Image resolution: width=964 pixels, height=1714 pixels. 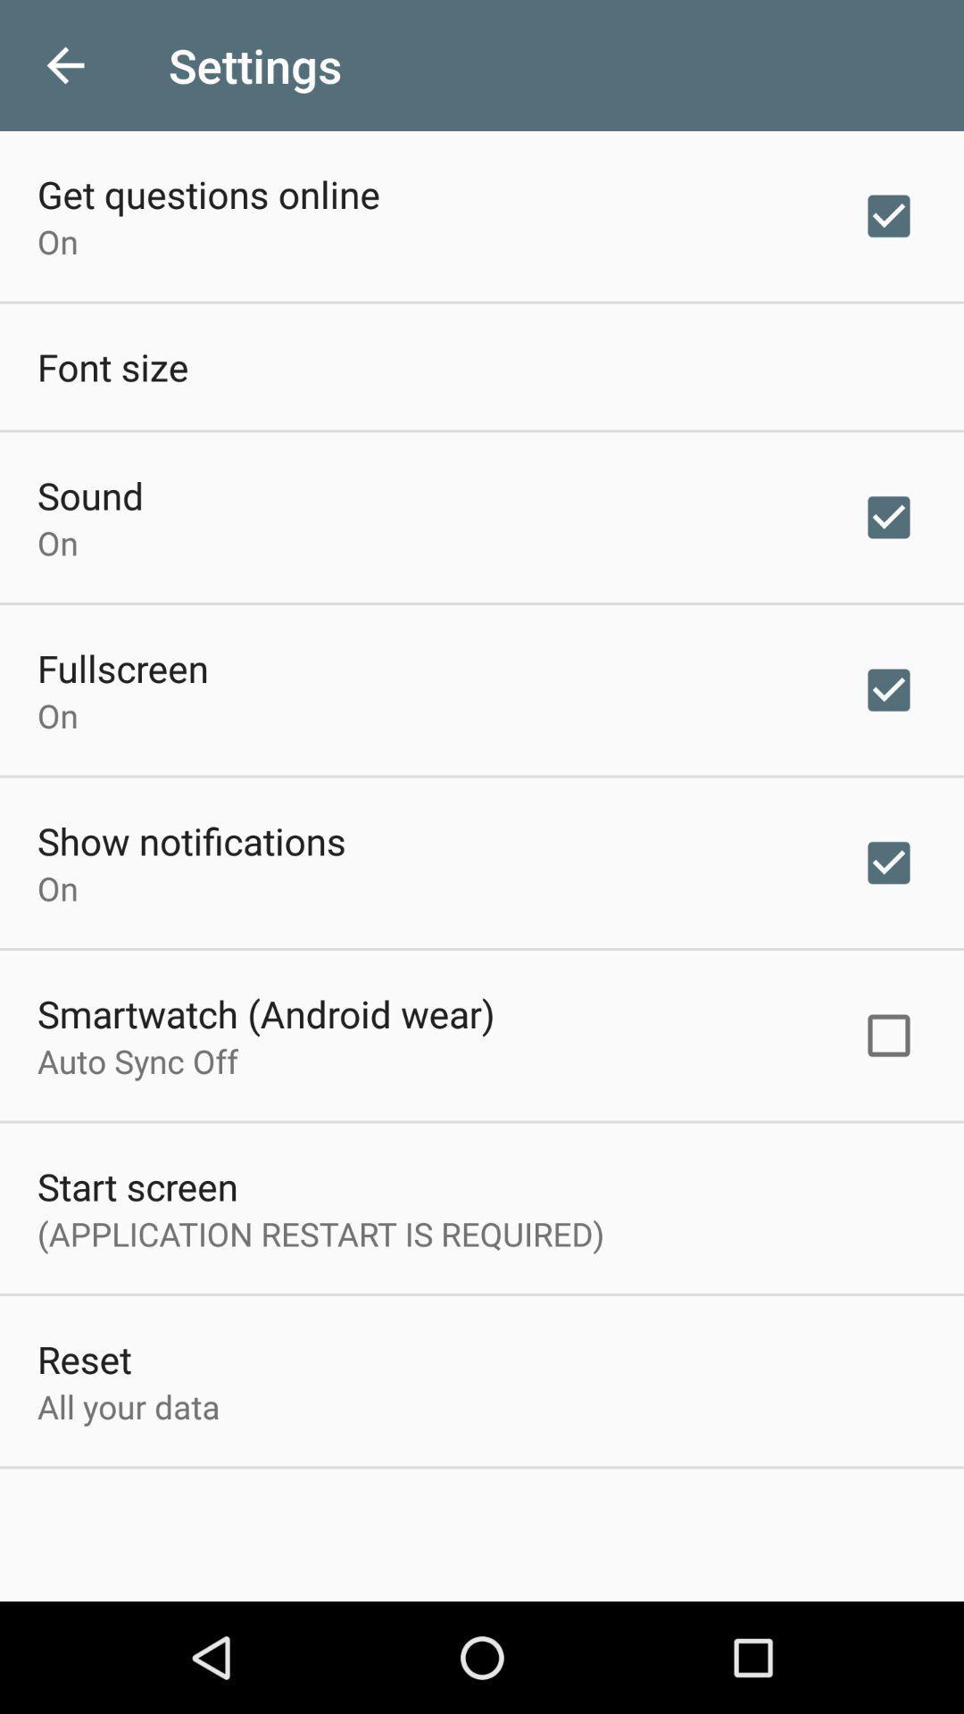 What do you see at coordinates (128, 1405) in the screenshot?
I see `item below the reset icon` at bounding box center [128, 1405].